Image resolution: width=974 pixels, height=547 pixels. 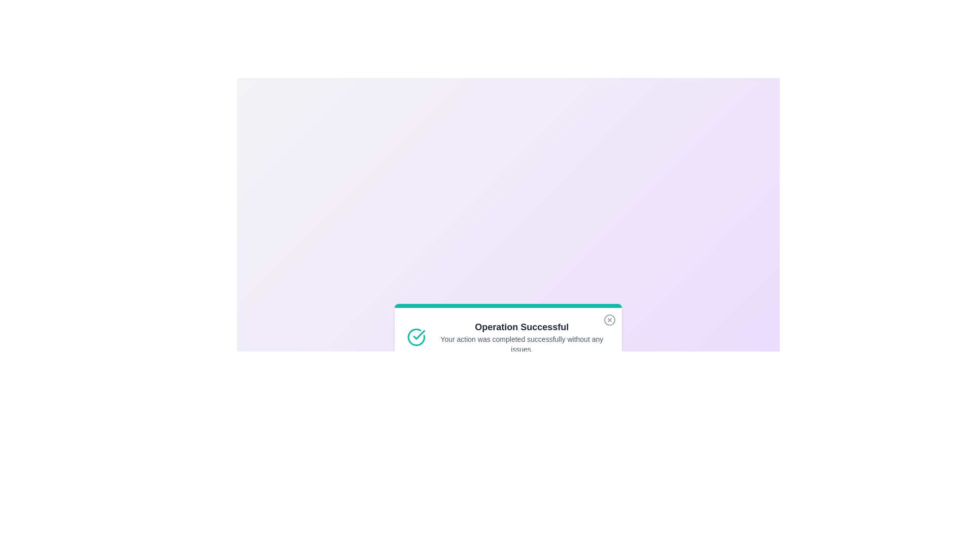 I want to click on the close button in the top-right corner of the alert dialog, so click(x=609, y=320).